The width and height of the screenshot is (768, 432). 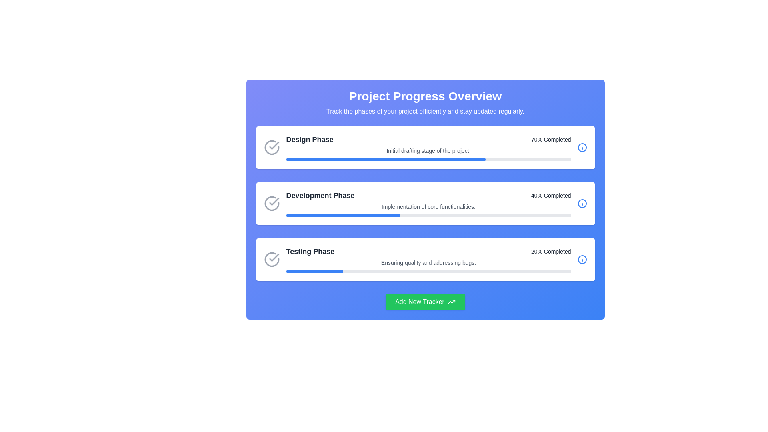 What do you see at coordinates (582, 203) in the screenshot?
I see `the blue informational icon with a lowercase 'i' located at the right end of the 'Development Phase' section` at bounding box center [582, 203].